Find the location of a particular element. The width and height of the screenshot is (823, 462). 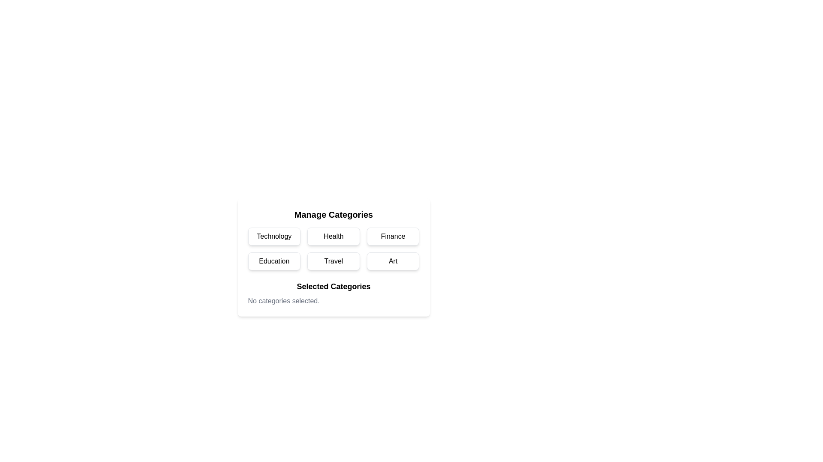

the 'Education' button located in the second row of the grid layout, which is the first button in that row is located at coordinates (273, 261).